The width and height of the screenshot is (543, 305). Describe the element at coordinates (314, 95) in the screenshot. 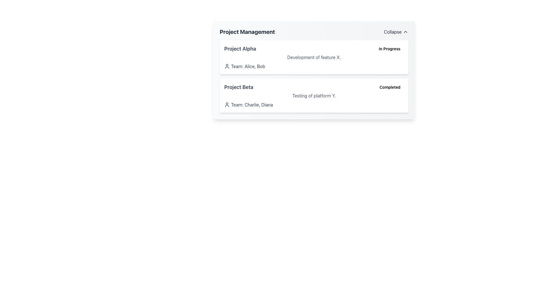

I see `the paragraph text displaying 'Testing of platform Y.' which is located below the title 'Project Beta' and adjacent to the 'Completed' badge` at that location.